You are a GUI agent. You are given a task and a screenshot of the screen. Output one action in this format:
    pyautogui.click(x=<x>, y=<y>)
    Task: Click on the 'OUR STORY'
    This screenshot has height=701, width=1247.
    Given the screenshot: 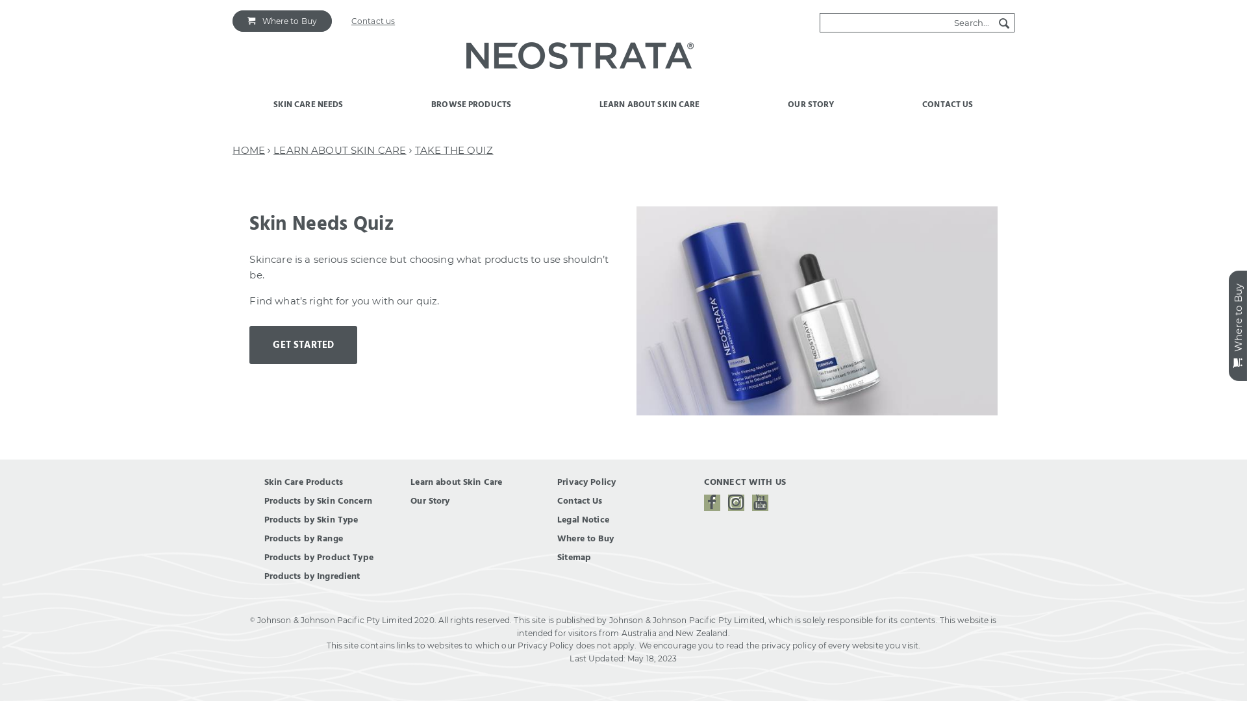 What is the action you would take?
    pyautogui.click(x=810, y=111)
    